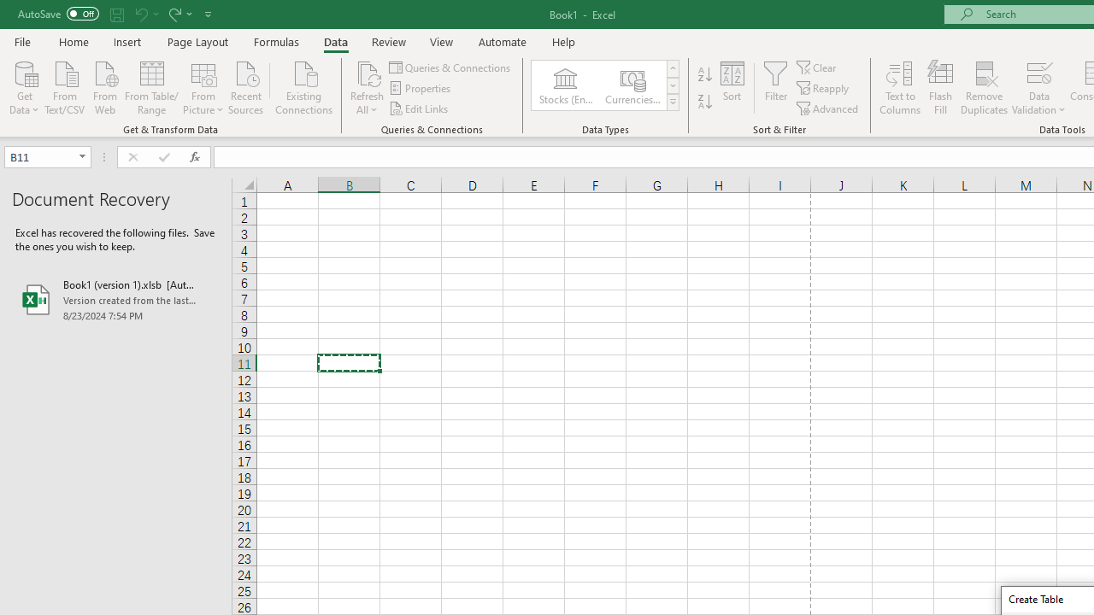  Describe the element at coordinates (817, 67) in the screenshot. I see `'Clear'` at that location.